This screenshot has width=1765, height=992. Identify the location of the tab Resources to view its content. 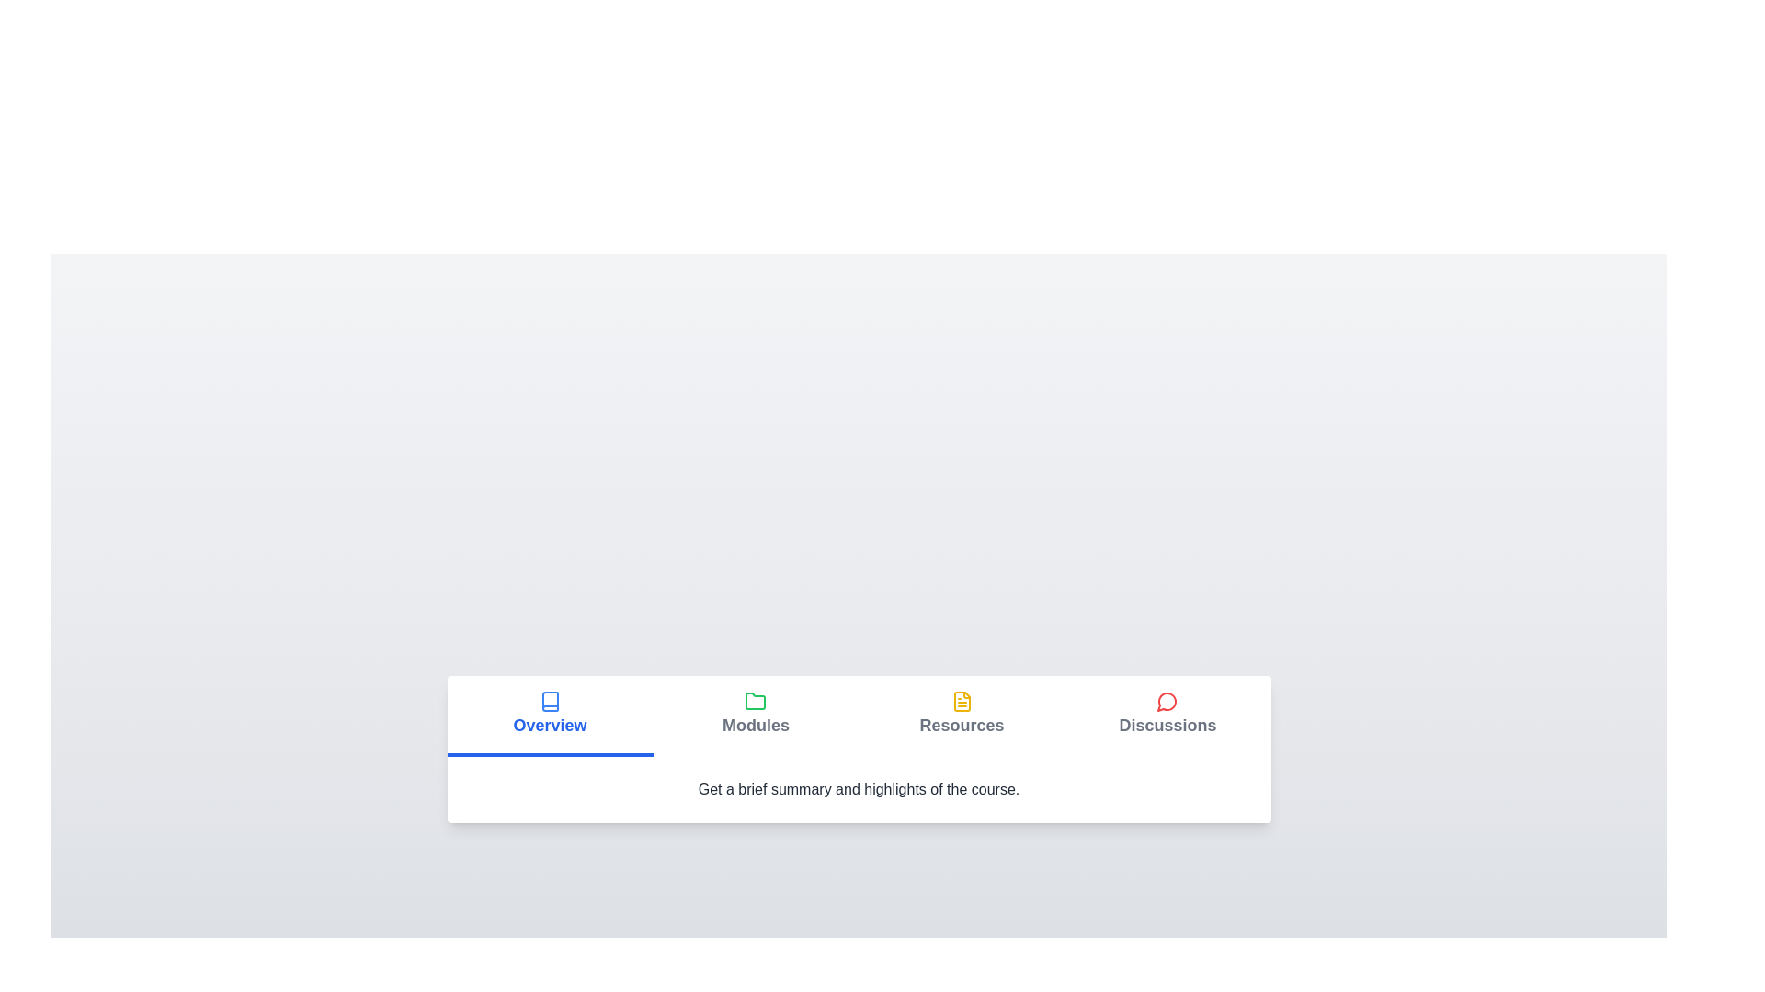
(961, 715).